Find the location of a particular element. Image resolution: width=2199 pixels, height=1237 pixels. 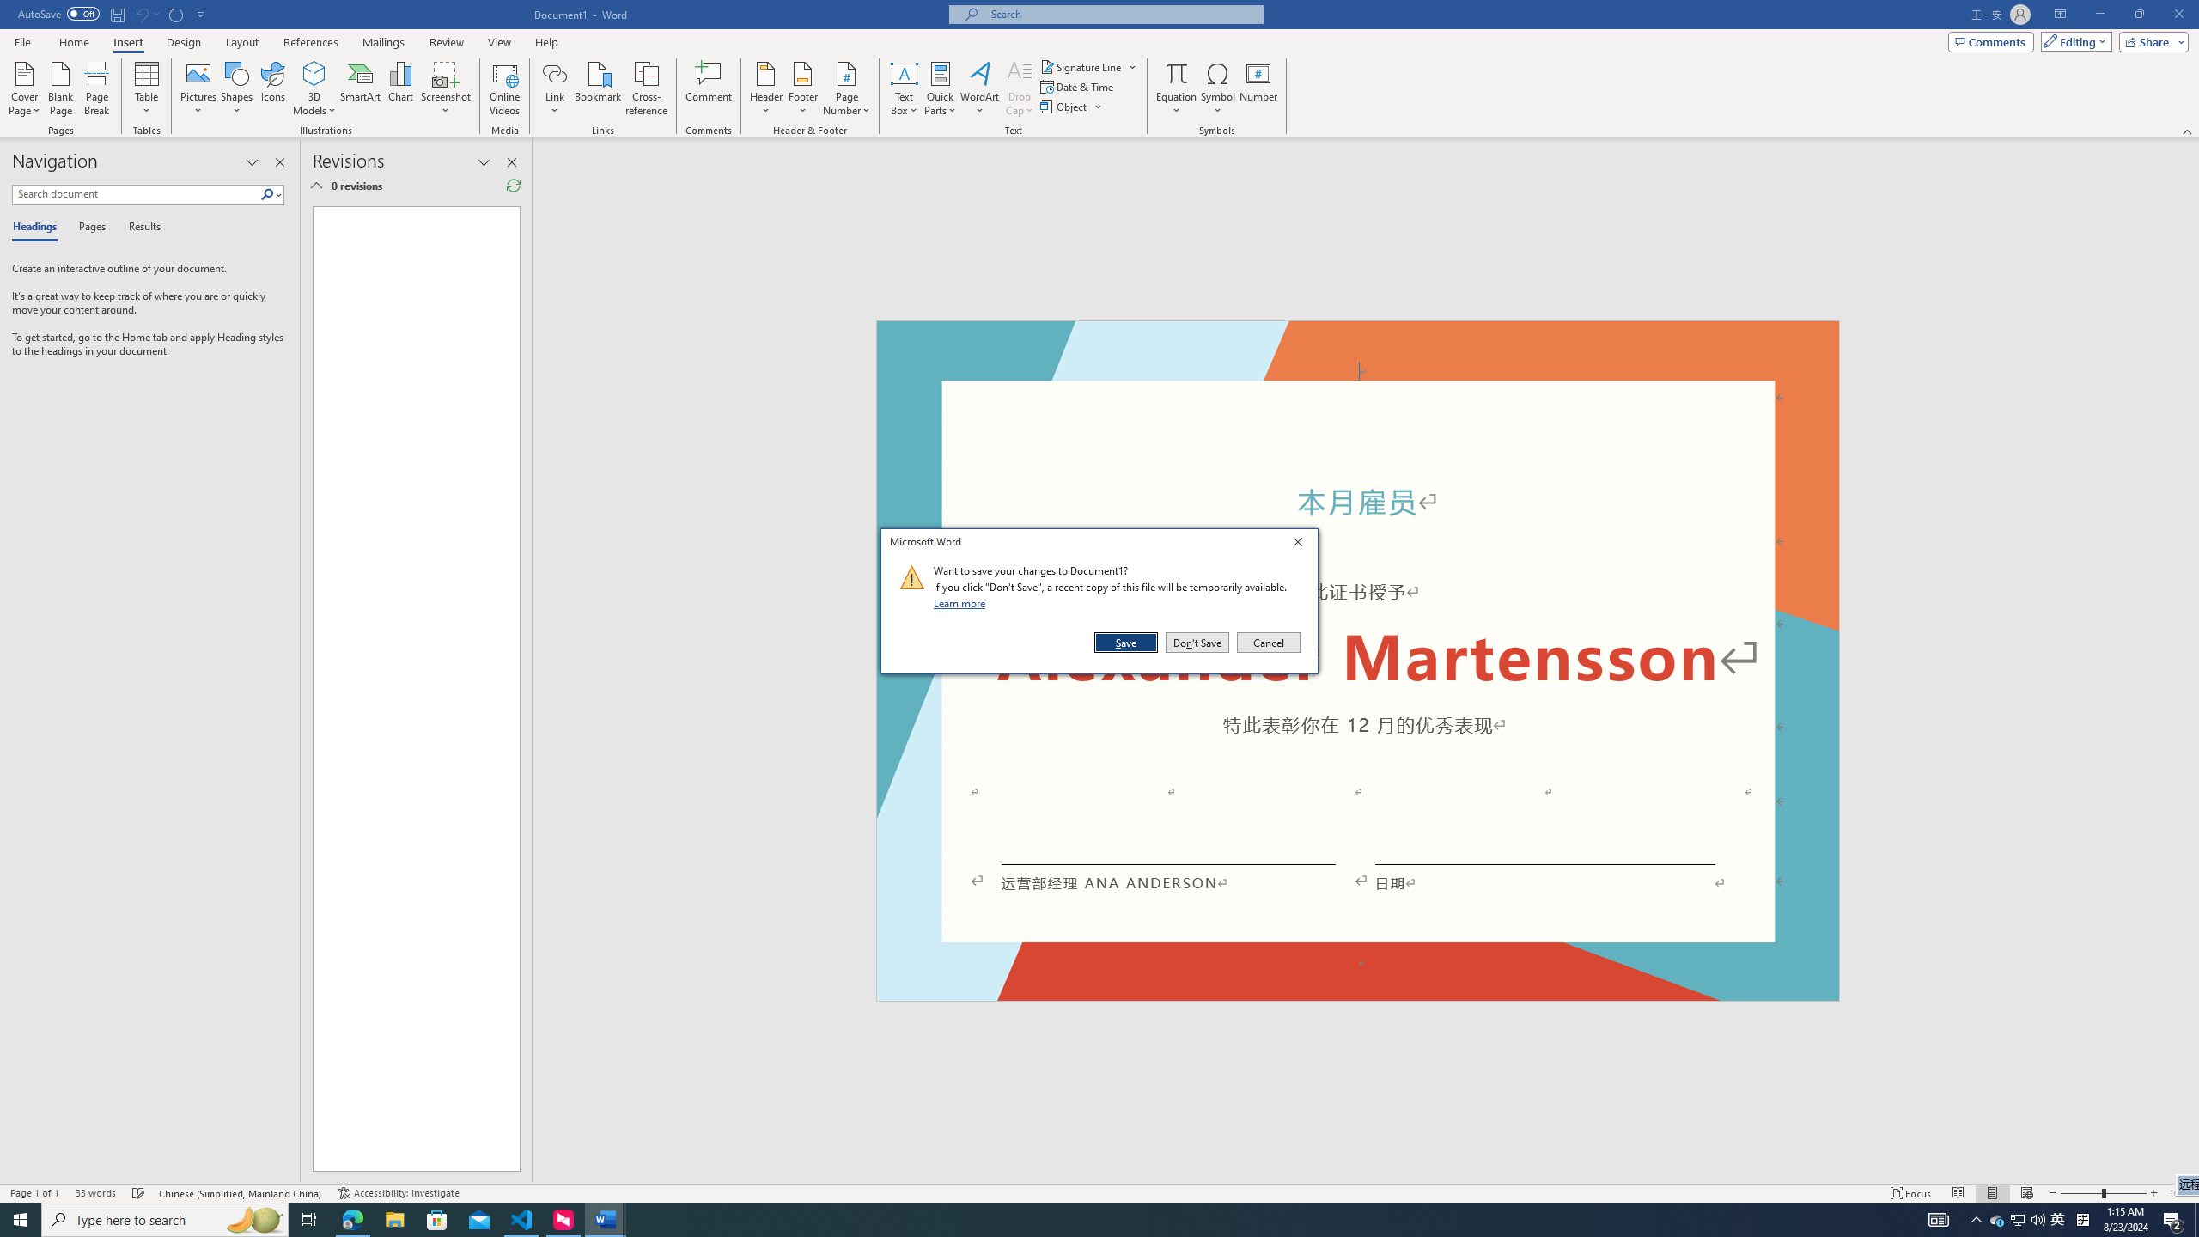

'Page Break' is located at coordinates (95, 88).